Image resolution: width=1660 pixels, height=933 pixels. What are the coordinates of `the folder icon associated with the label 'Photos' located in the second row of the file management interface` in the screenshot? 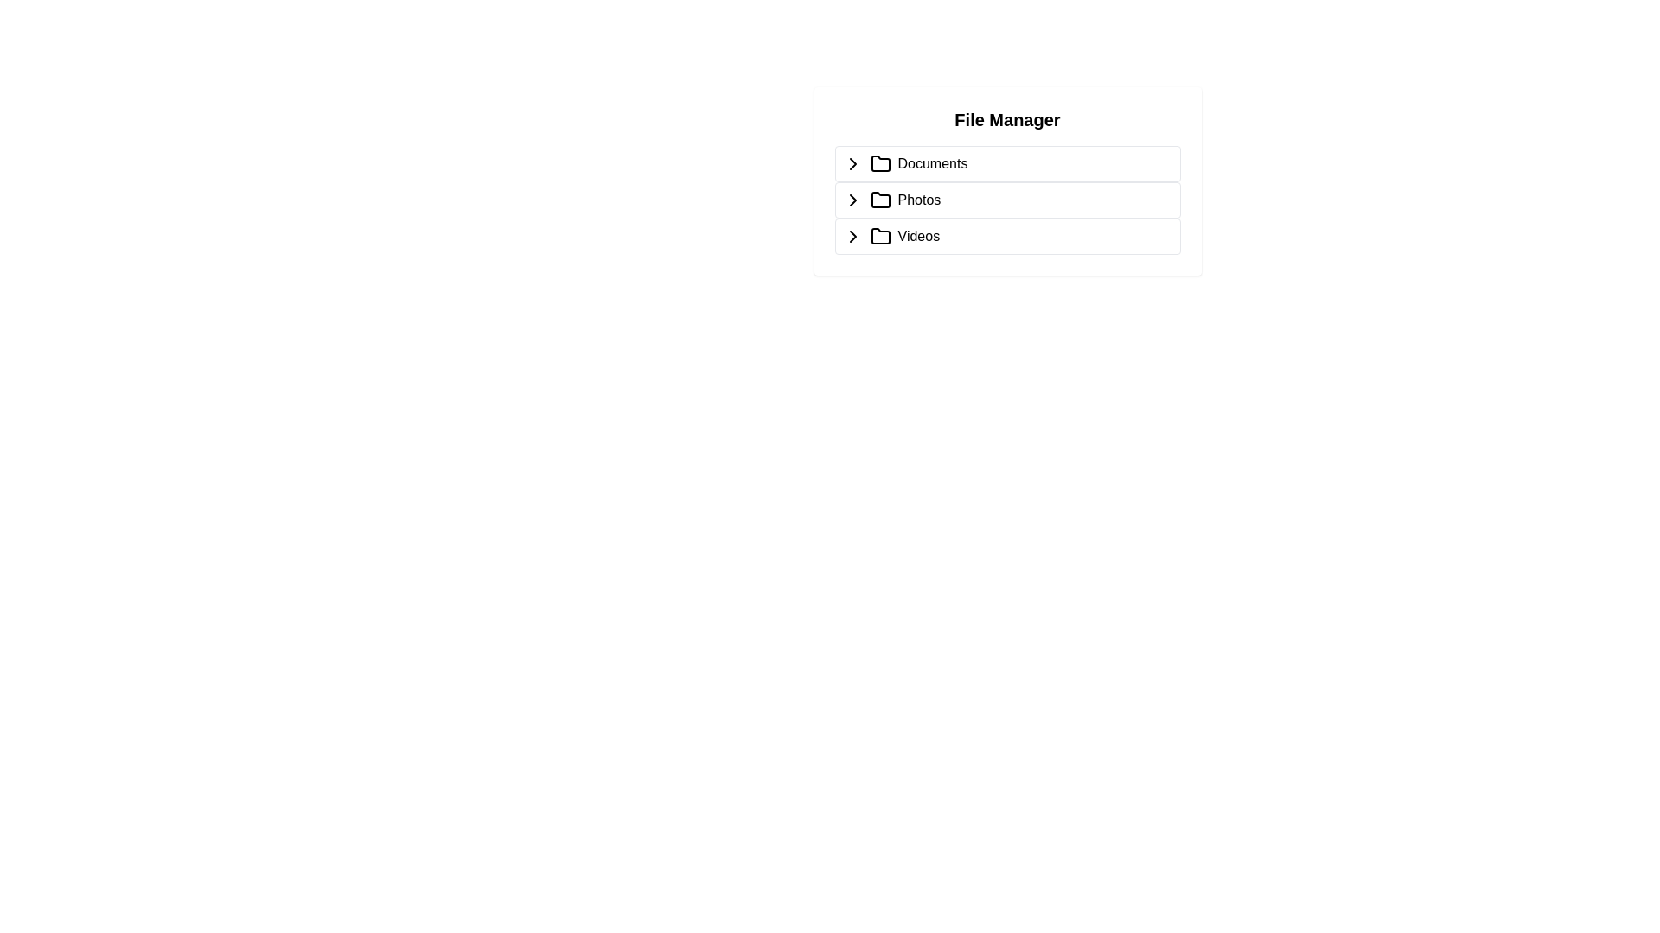 It's located at (880, 199).